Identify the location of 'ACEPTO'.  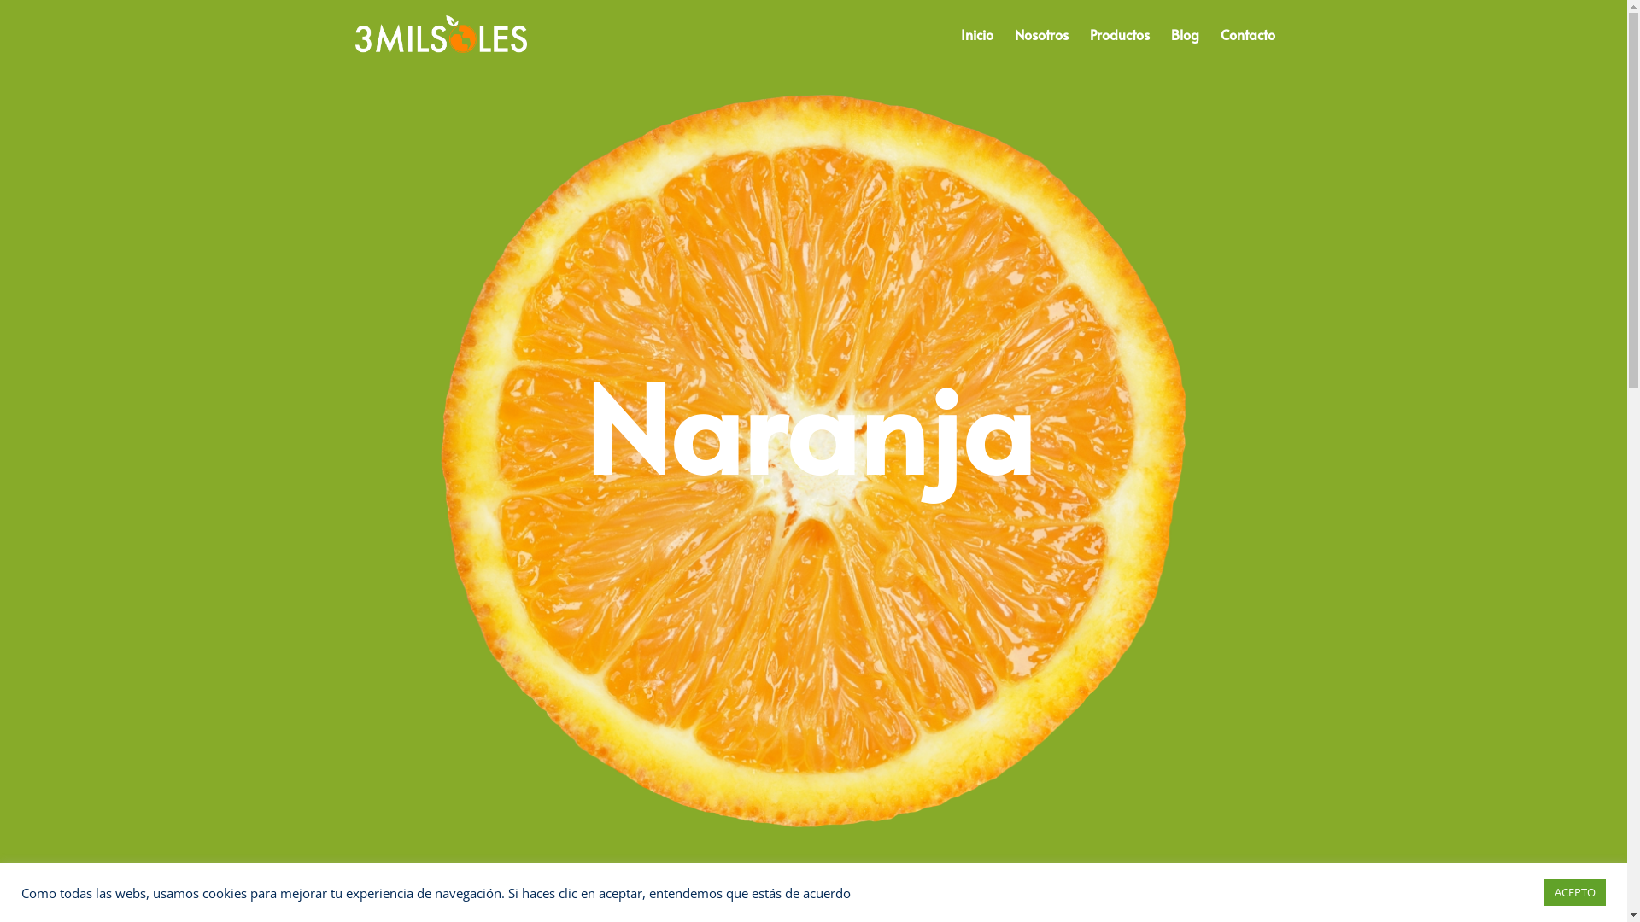
(1573, 891).